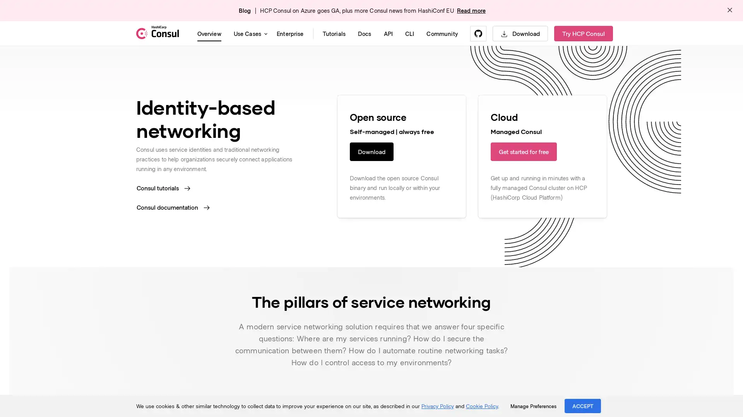 This screenshot has width=743, height=417. What do you see at coordinates (249, 33) in the screenshot?
I see `Use Cases` at bounding box center [249, 33].